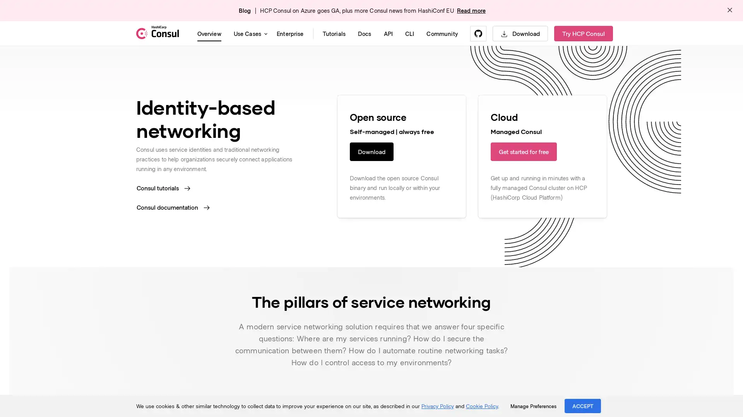 This screenshot has width=743, height=417. What do you see at coordinates (249, 33) in the screenshot?
I see `Use Cases` at bounding box center [249, 33].